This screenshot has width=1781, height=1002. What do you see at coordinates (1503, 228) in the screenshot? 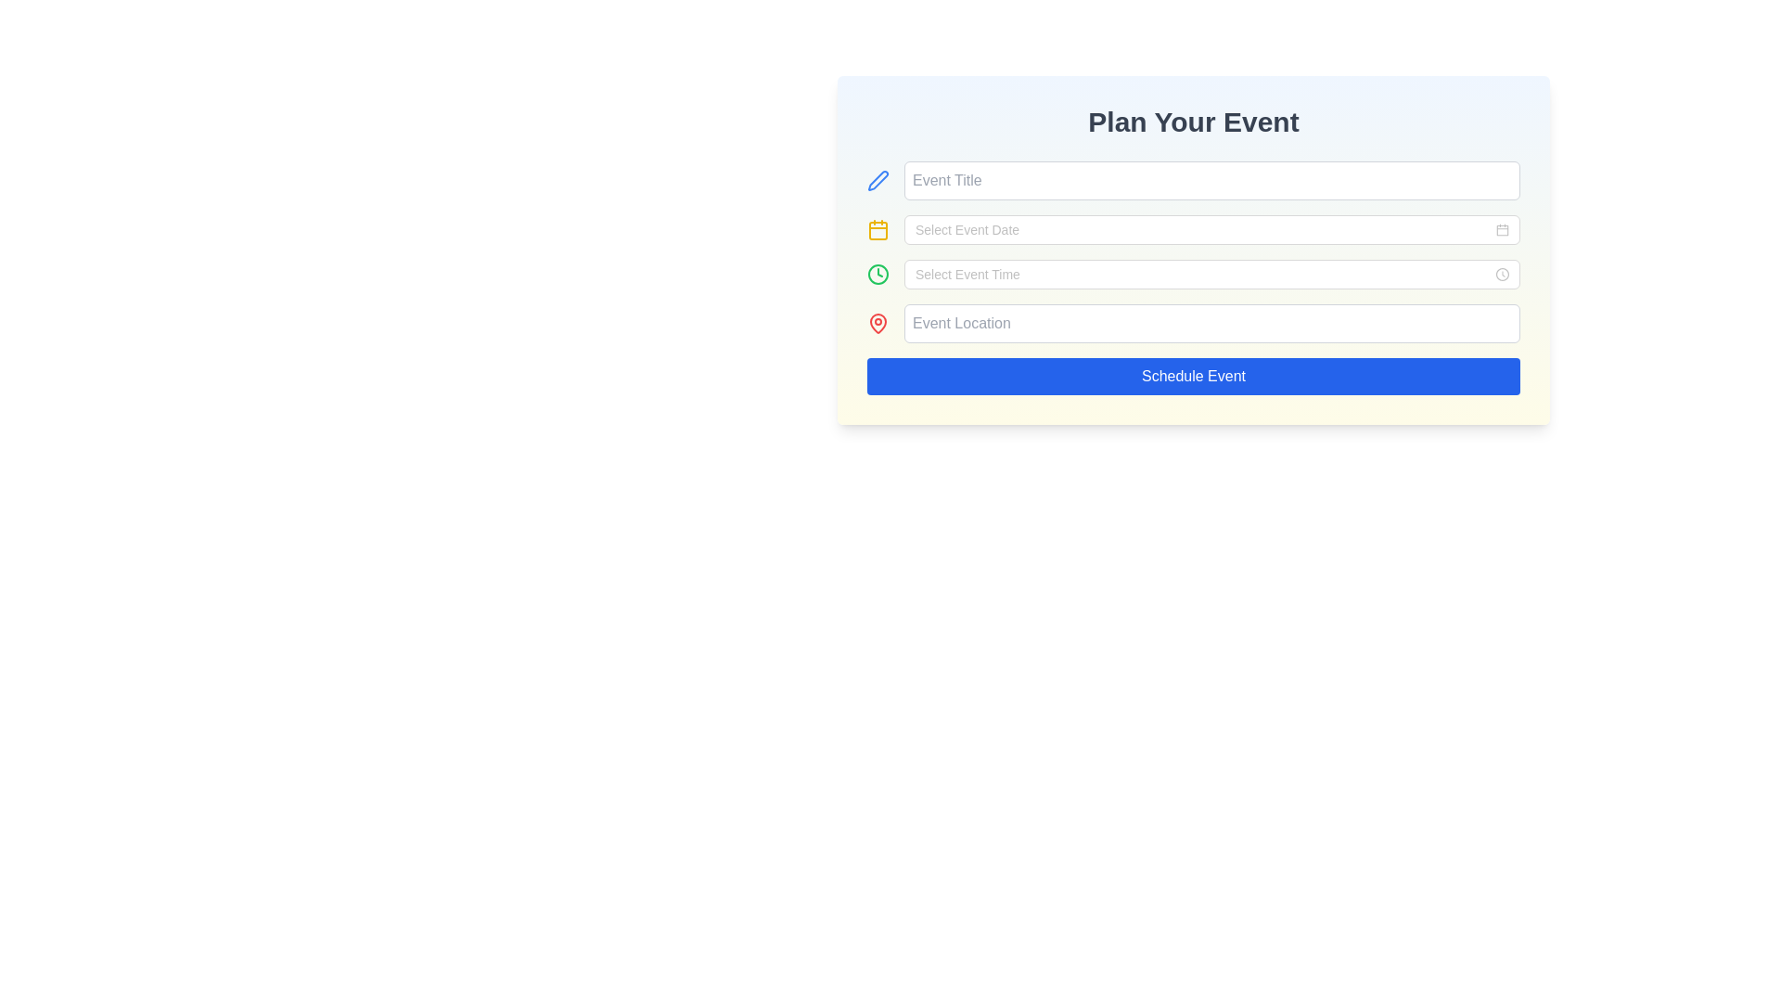
I see `the icon button located next to the input area of 'Select Event Date'` at bounding box center [1503, 228].